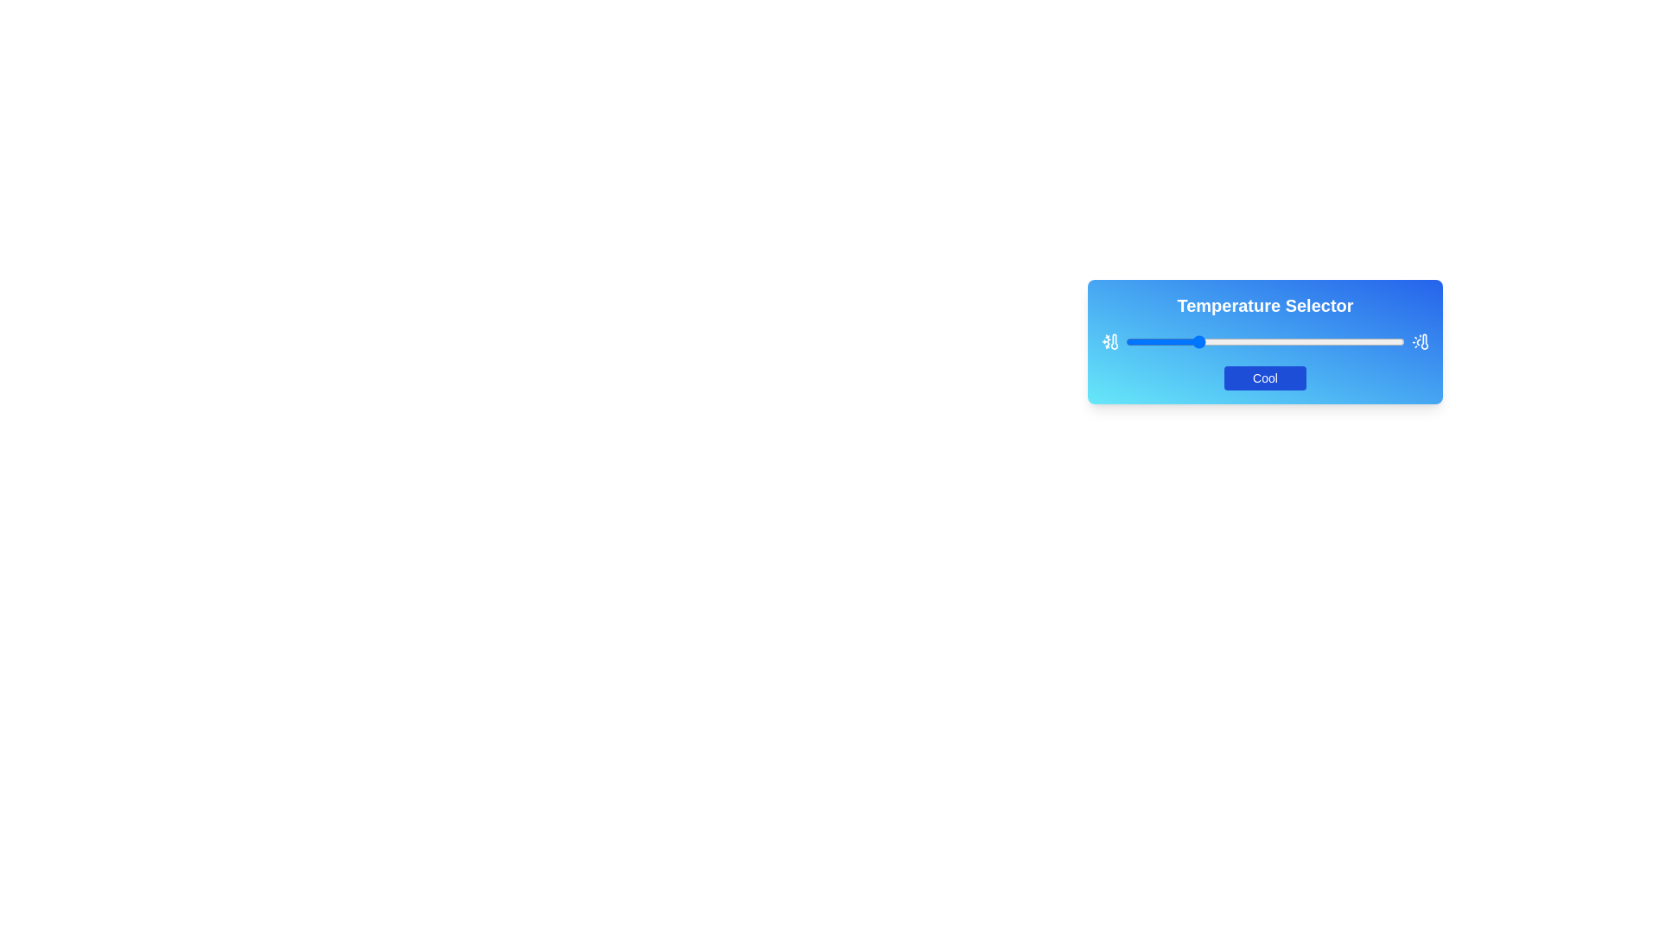  Describe the element at coordinates (1299, 342) in the screenshot. I see `the slider to set the temperature to 62` at that location.